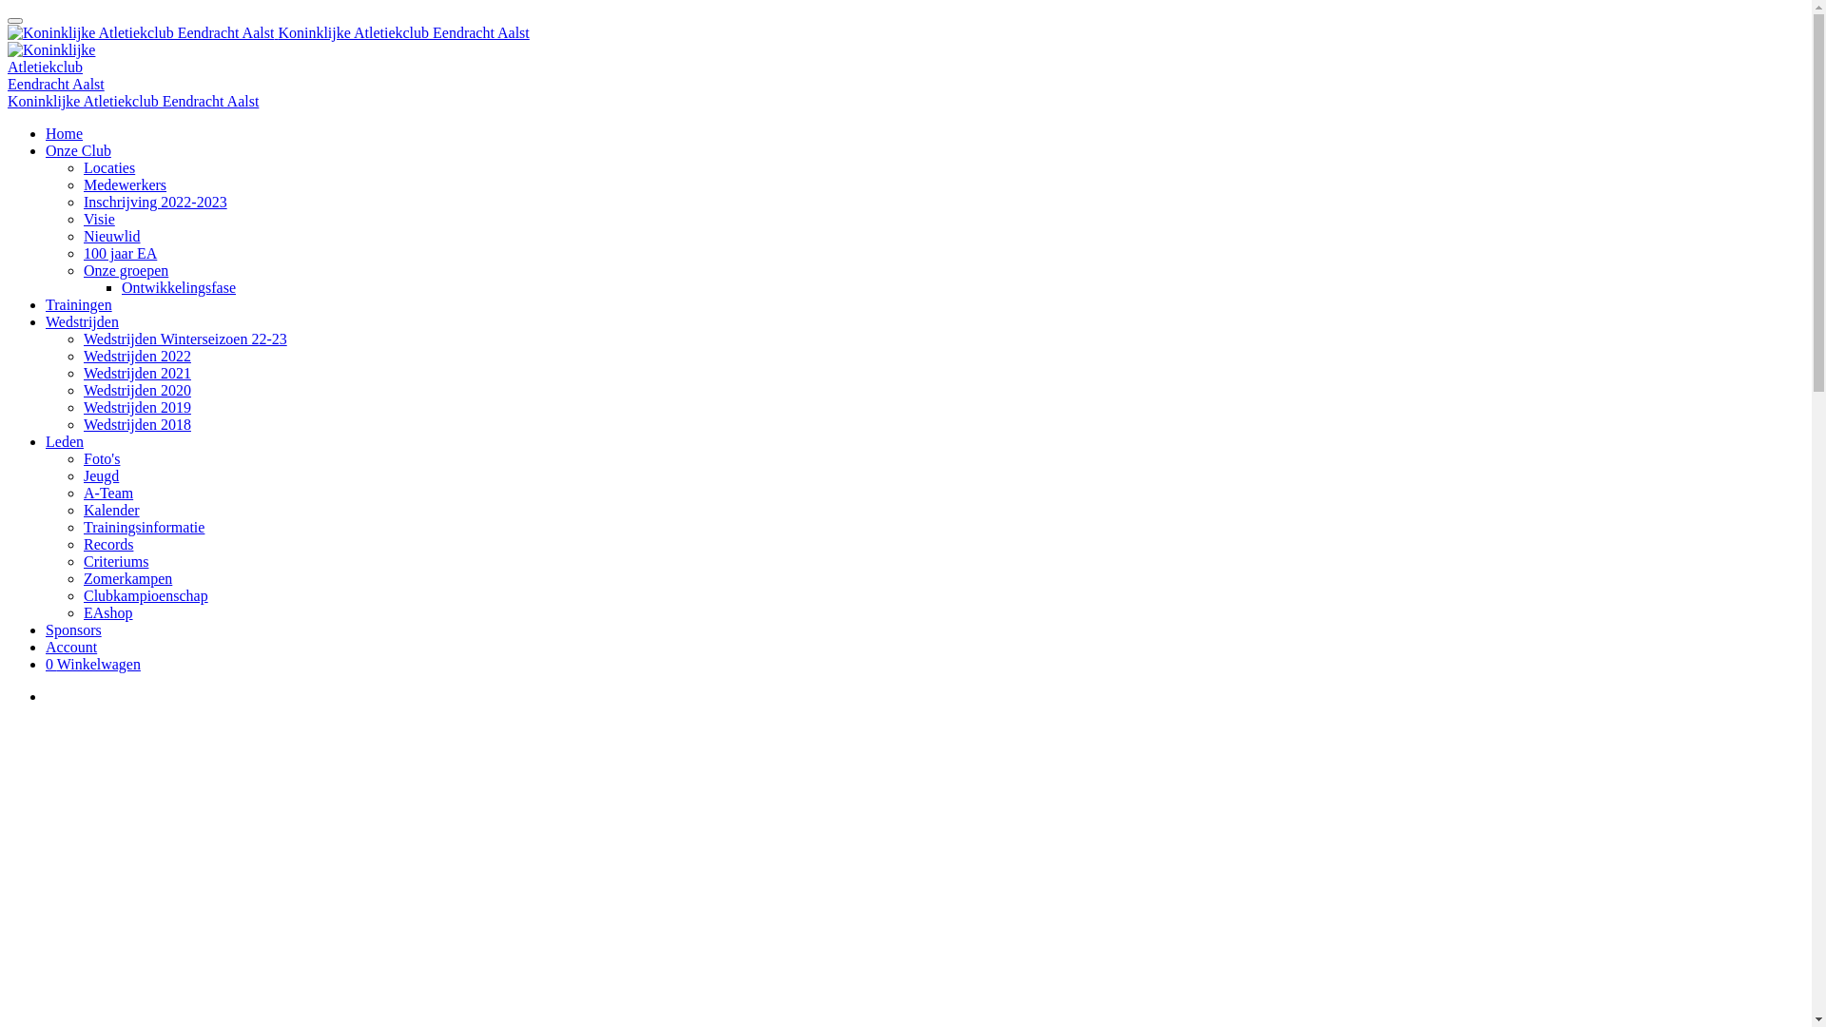 This screenshot has height=1027, width=1826. Describe the element at coordinates (91, 663) in the screenshot. I see `'0 Winkelwagen'` at that location.